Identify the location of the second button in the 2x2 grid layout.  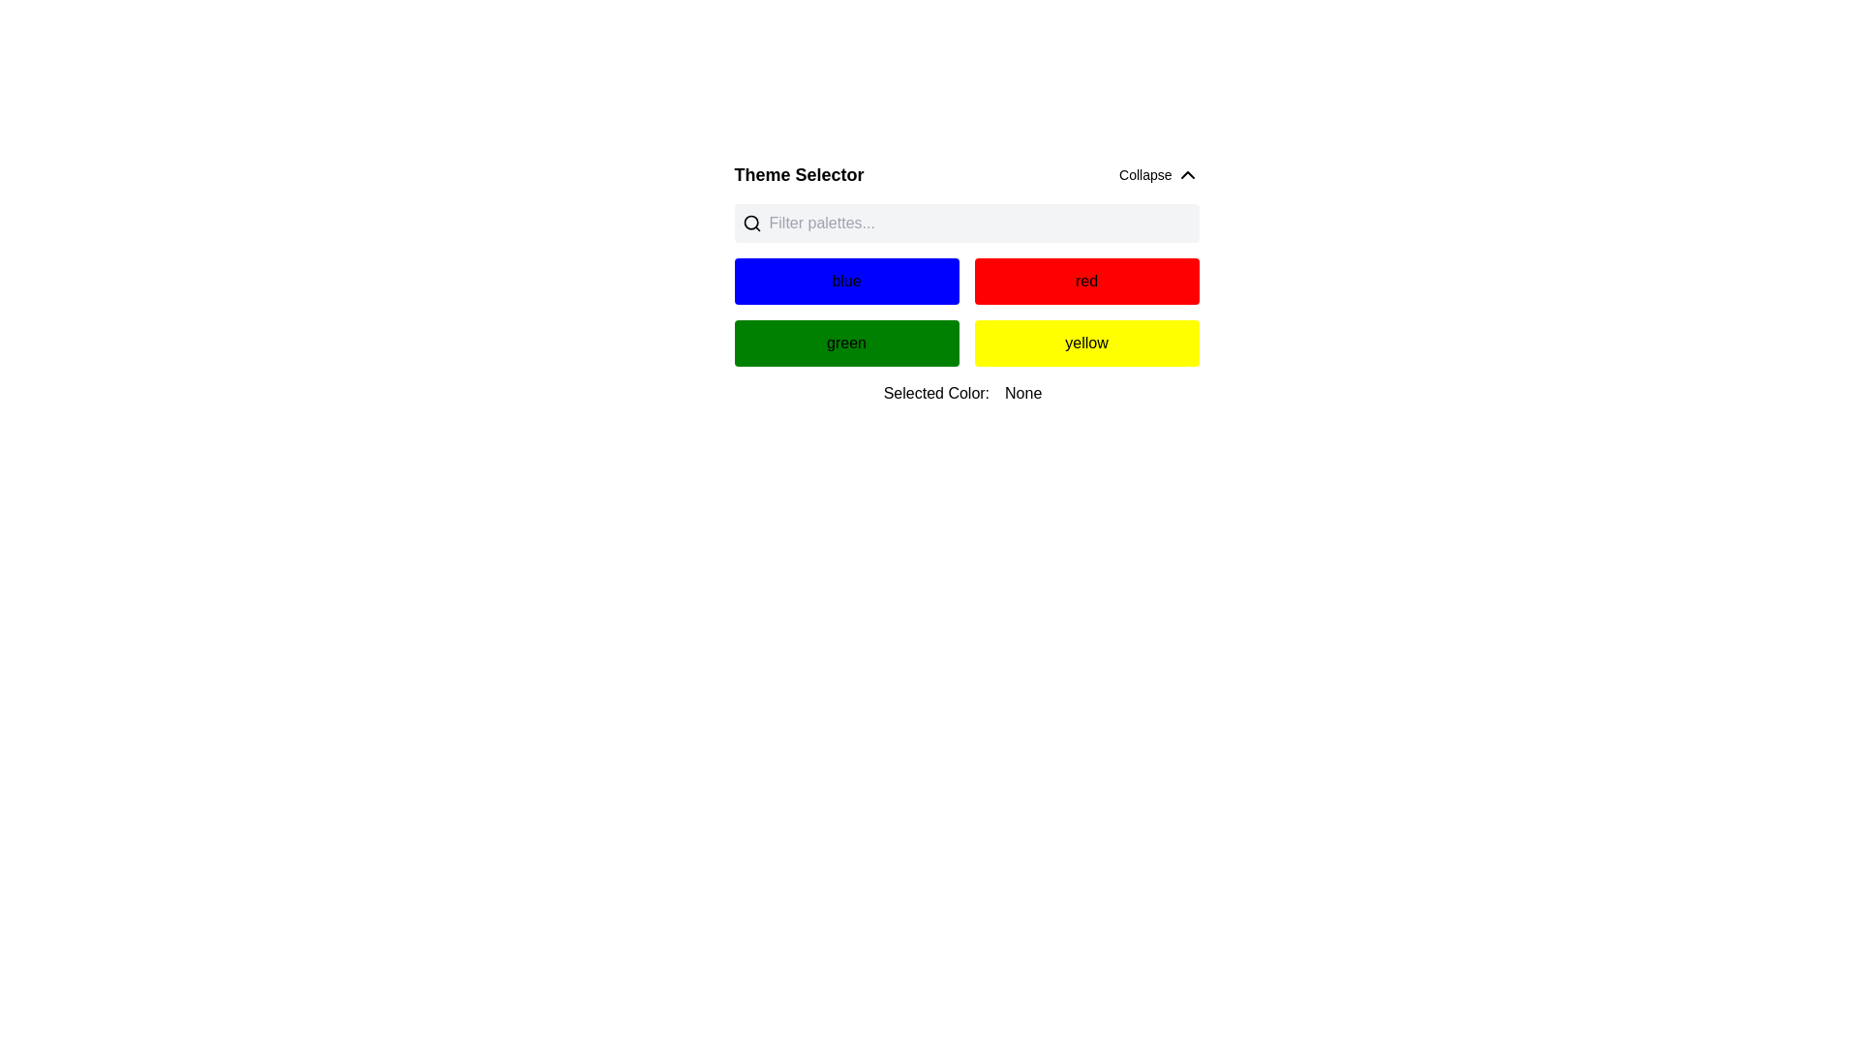
(1086, 281).